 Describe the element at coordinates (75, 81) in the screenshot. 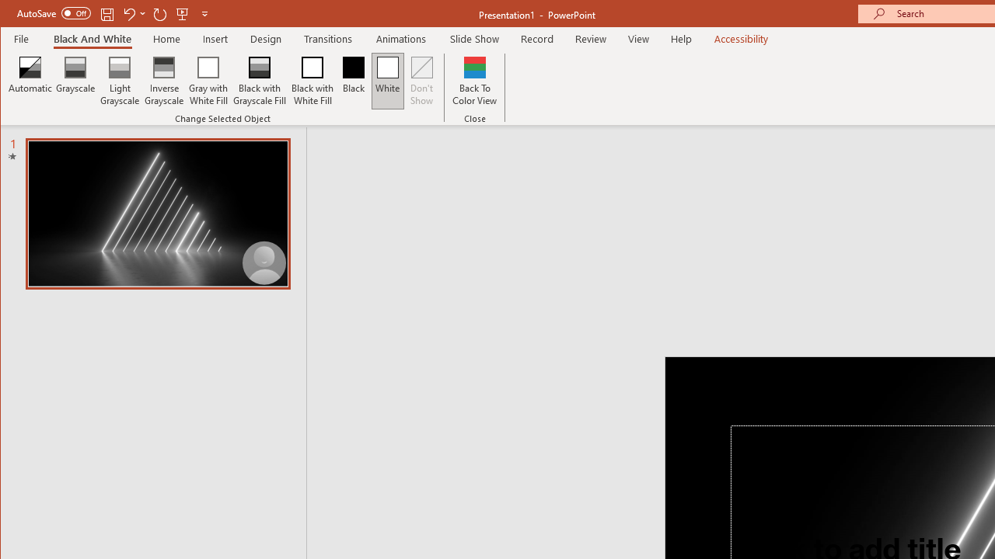

I see `'Grayscale'` at that location.